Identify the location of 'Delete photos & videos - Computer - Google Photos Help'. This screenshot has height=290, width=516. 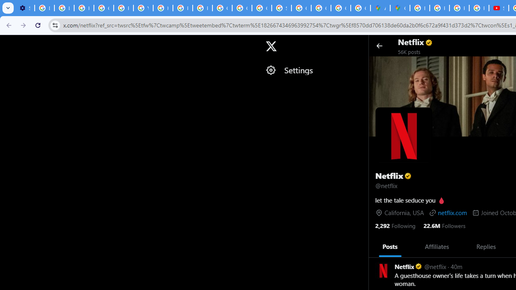
(44, 8).